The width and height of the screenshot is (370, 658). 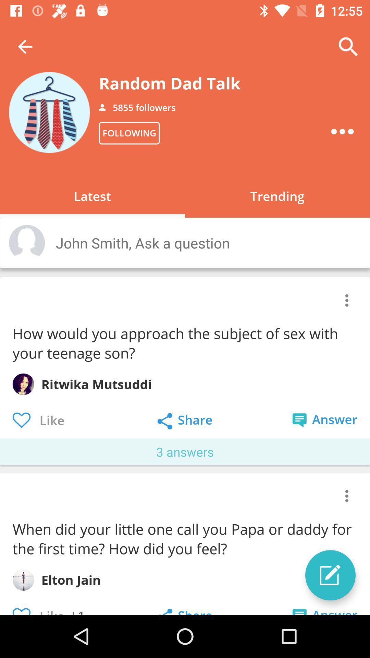 What do you see at coordinates (205, 243) in the screenshot?
I see `the icon below latest item` at bounding box center [205, 243].